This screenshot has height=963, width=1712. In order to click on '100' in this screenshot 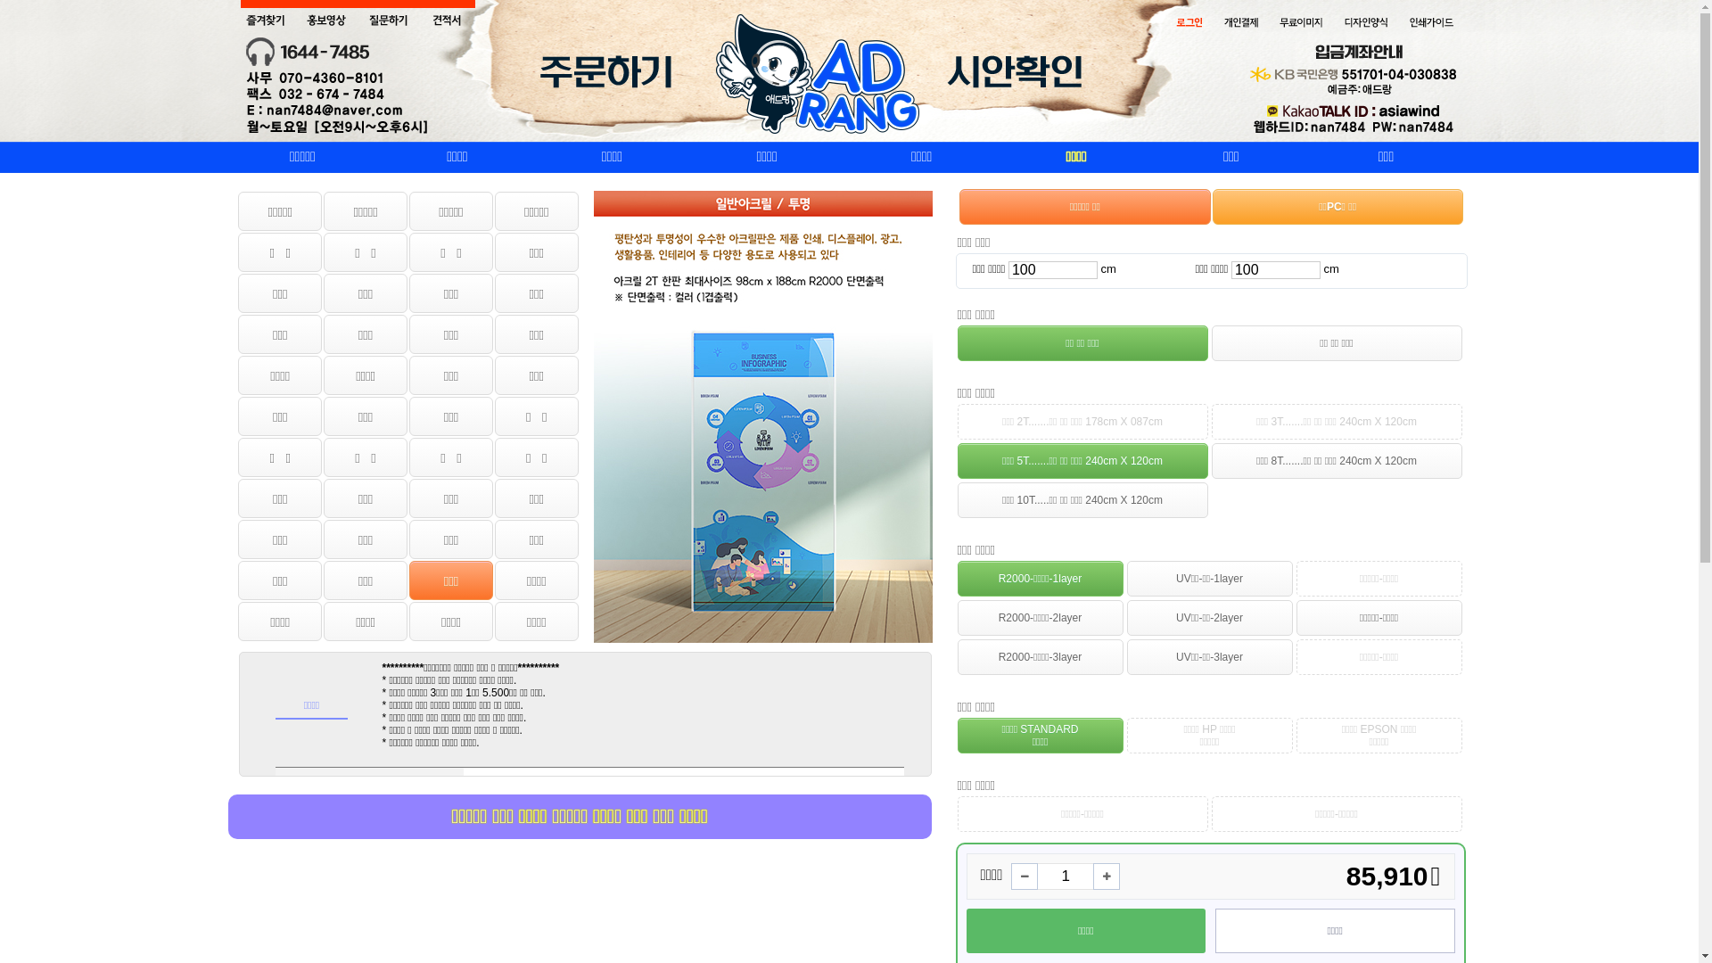, I will do `click(1274, 270)`.